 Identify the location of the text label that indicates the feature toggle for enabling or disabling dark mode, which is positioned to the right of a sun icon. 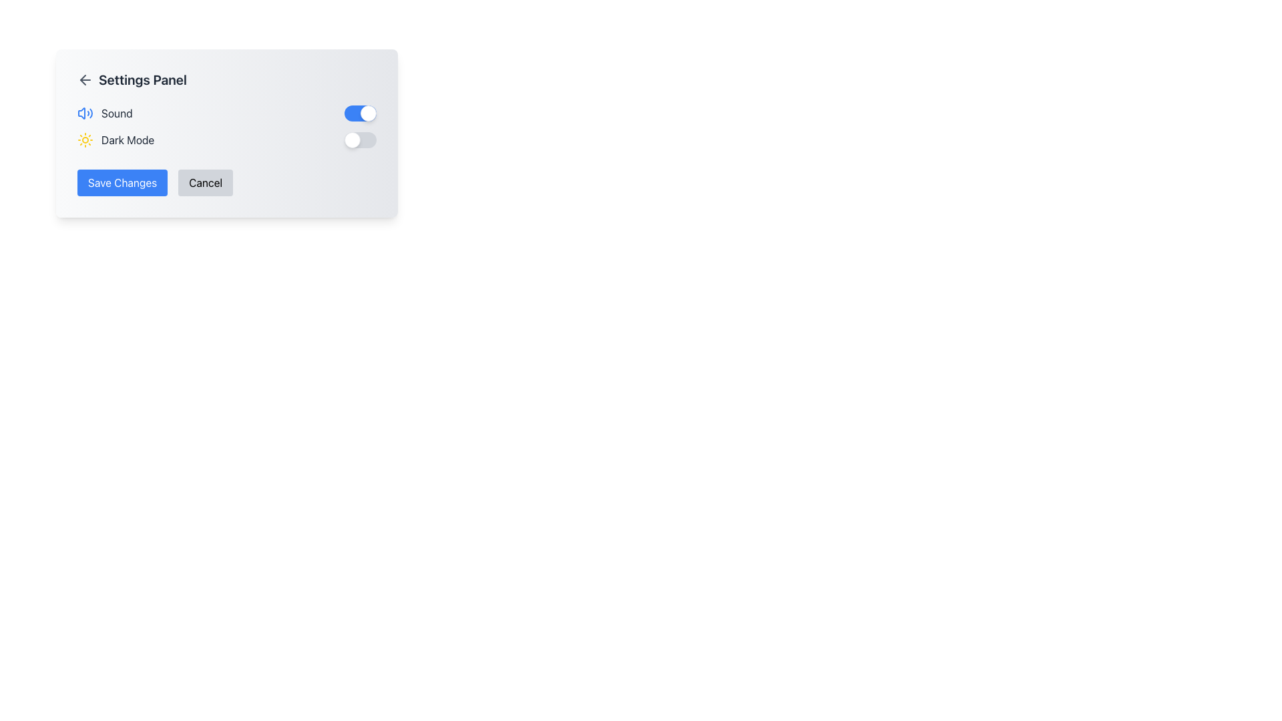
(128, 140).